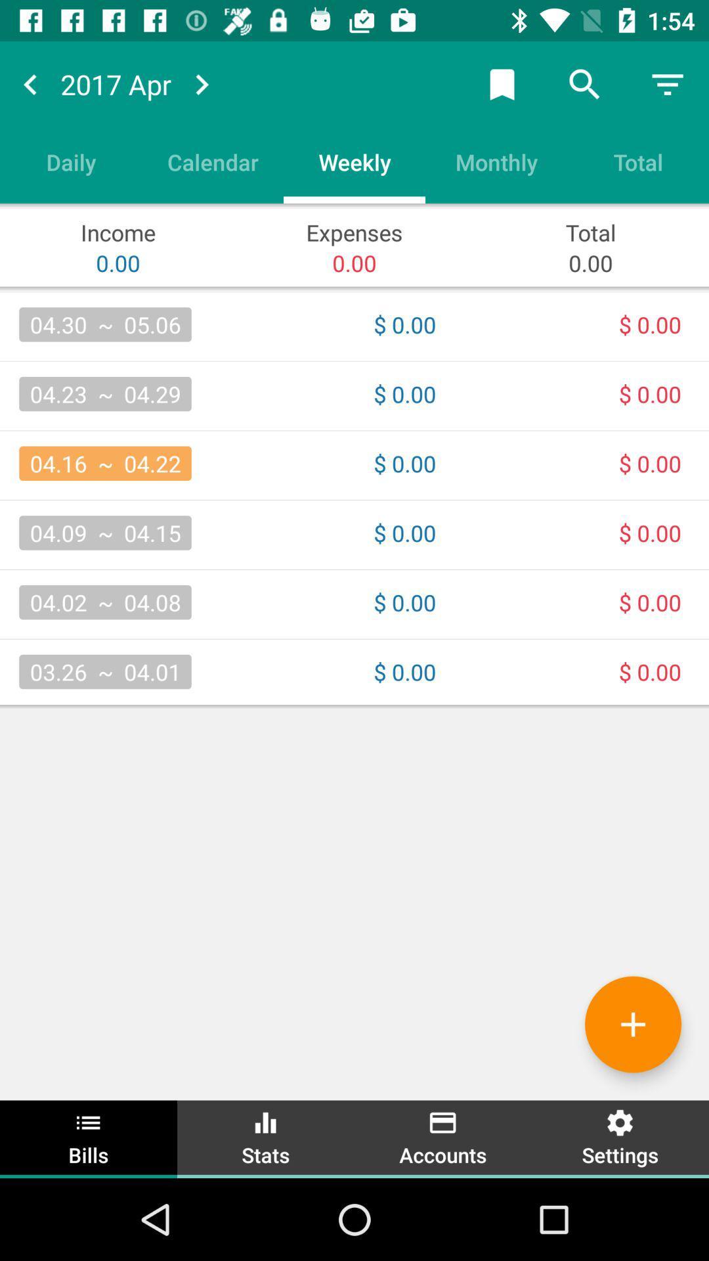 The height and width of the screenshot is (1261, 709). What do you see at coordinates (496, 161) in the screenshot?
I see `the item to the right of weekly` at bounding box center [496, 161].